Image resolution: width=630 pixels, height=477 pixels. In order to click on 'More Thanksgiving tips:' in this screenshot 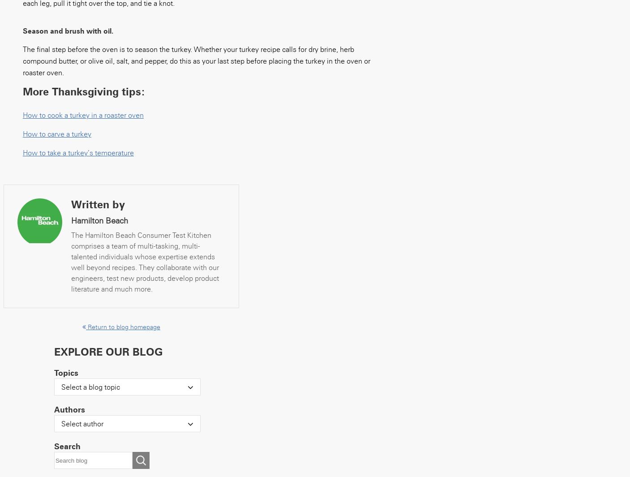, I will do `click(83, 91)`.